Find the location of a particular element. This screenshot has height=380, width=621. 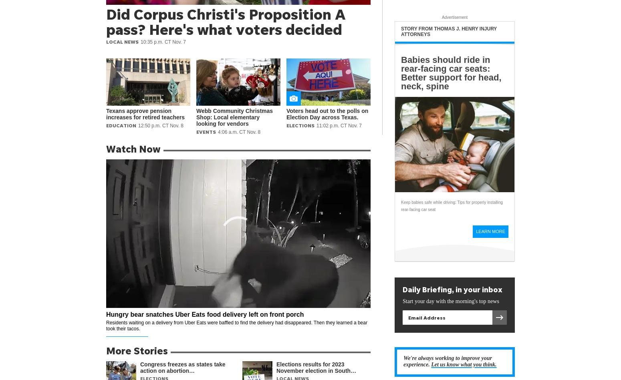

'Story from Thomas J. Henry Injury Attorneys' is located at coordinates (448, 31).